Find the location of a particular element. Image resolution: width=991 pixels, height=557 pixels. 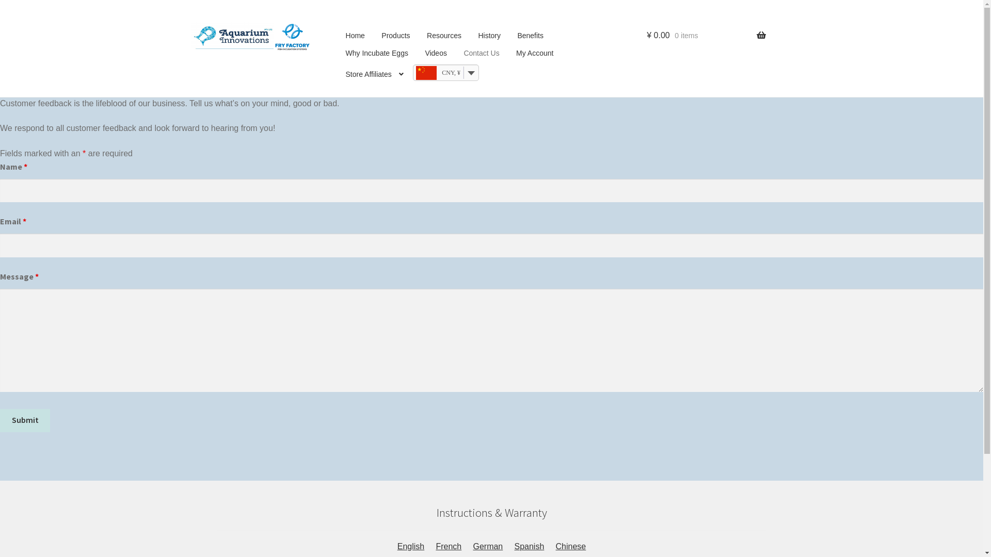

'Chinese' is located at coordinates (555, 546).